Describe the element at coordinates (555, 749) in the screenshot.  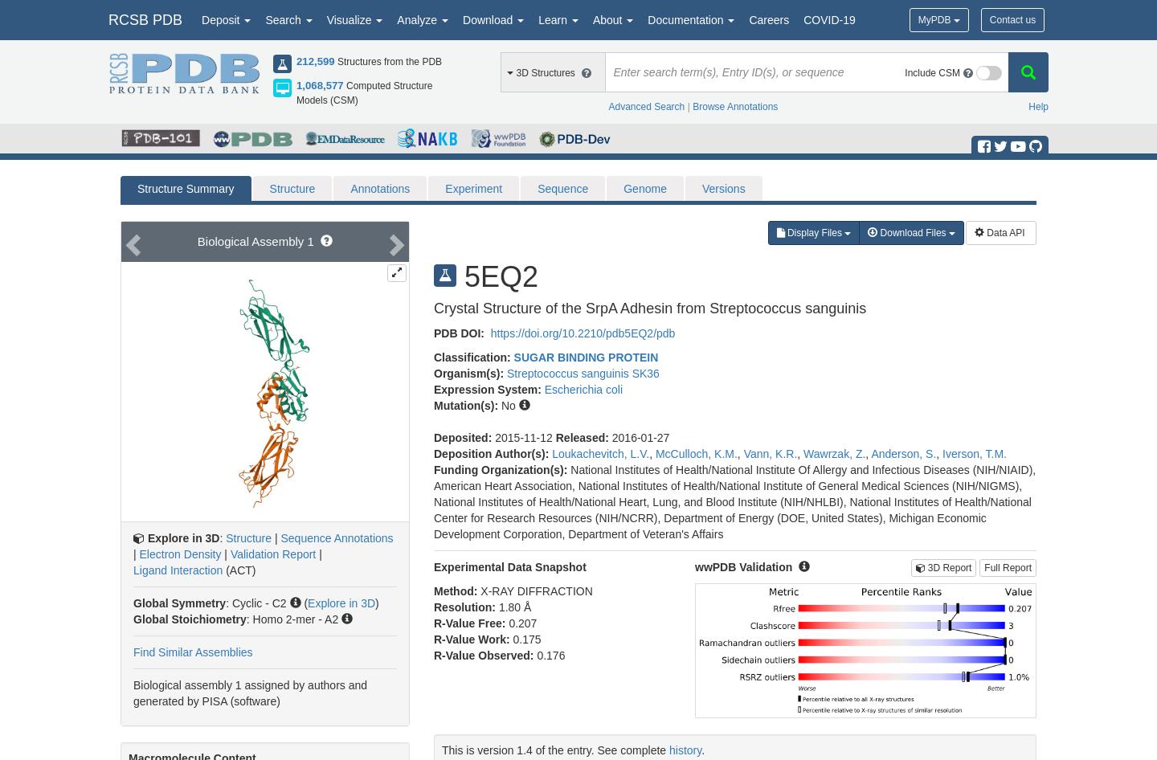
I see `'This is version 1.4 of the entry. See complete'` at that location.